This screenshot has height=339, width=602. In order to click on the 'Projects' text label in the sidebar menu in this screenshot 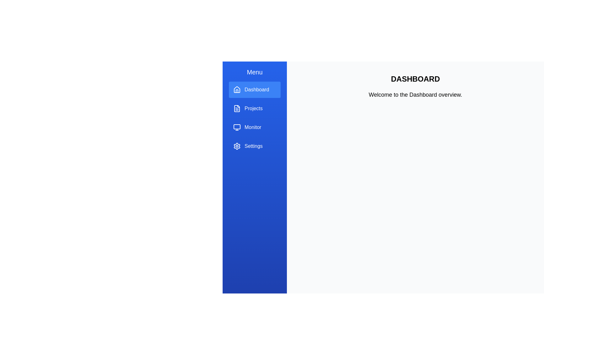, I will do `click(253, 108)`.